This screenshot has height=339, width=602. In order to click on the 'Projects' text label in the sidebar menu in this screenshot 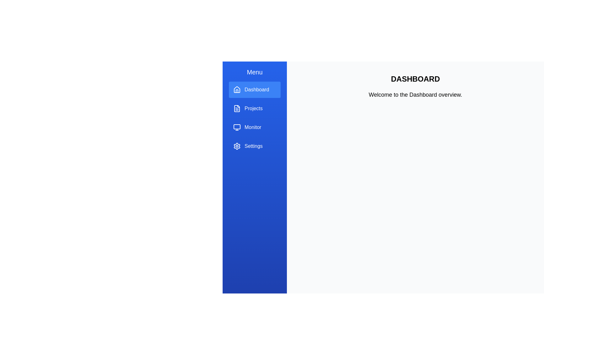, I will do `click(253, 108)`.